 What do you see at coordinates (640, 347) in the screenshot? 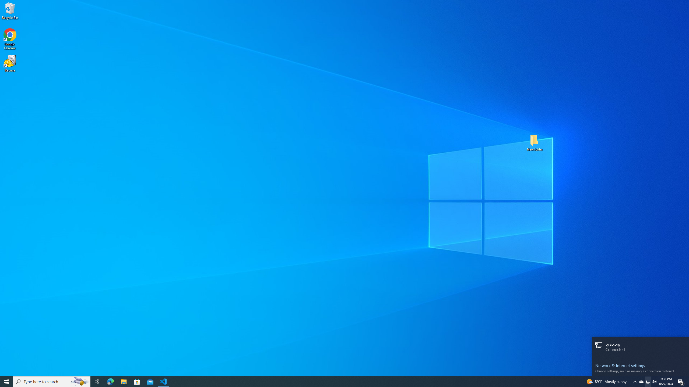
I see `'pjlab.org Connected'` at bounding box center [640, 347].